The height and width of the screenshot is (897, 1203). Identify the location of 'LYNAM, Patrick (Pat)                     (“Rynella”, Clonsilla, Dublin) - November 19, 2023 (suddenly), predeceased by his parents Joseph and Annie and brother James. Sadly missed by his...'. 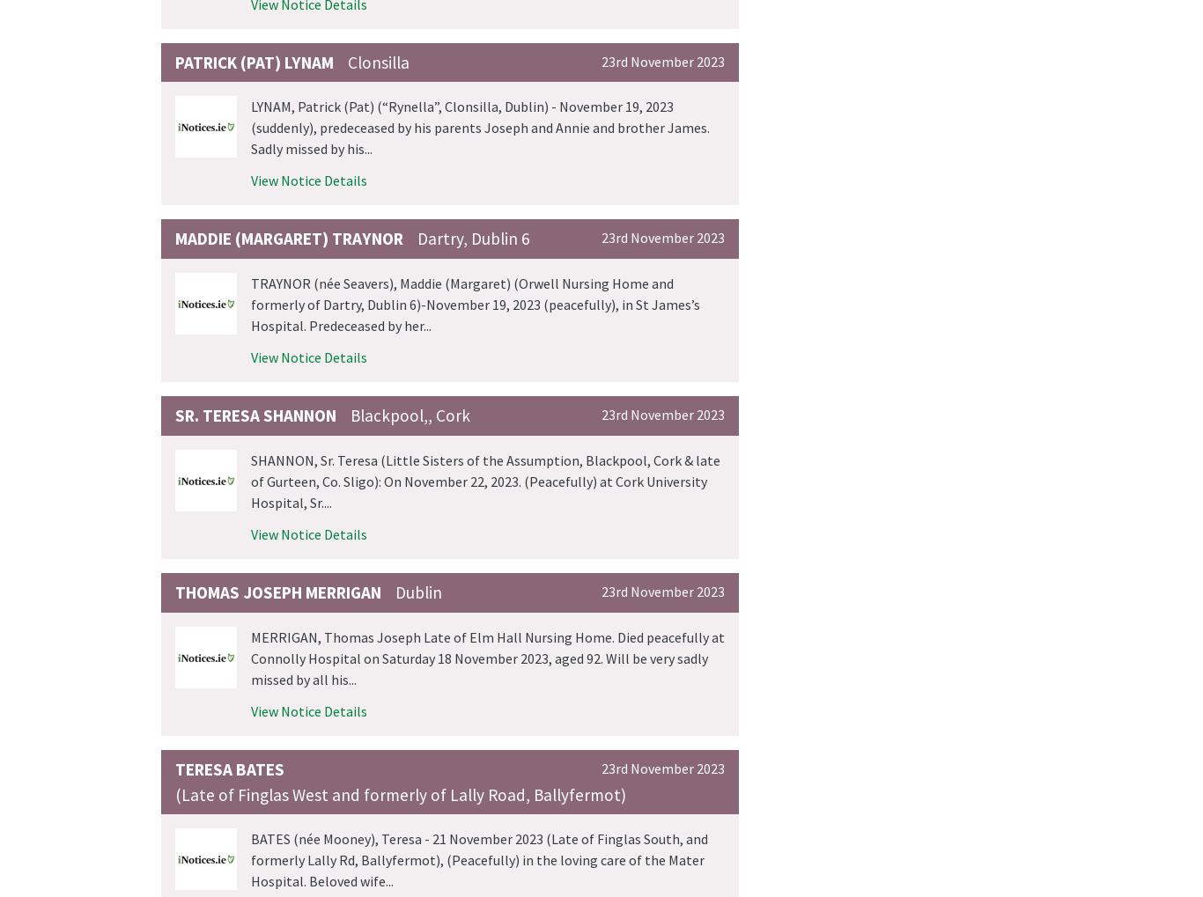
(480, 128).